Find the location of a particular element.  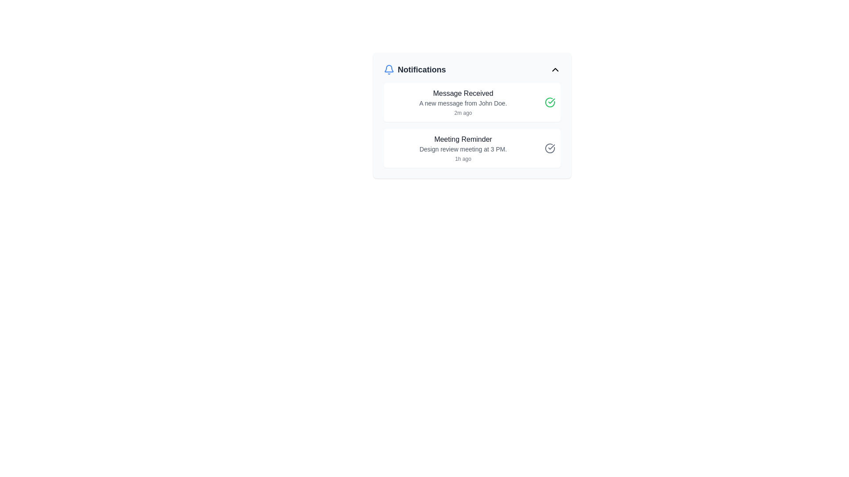

the circular segment of the checkmark icon located in the top-right notification entry adjacent to the 'Message Received' text is located at coordinates (549, 148).